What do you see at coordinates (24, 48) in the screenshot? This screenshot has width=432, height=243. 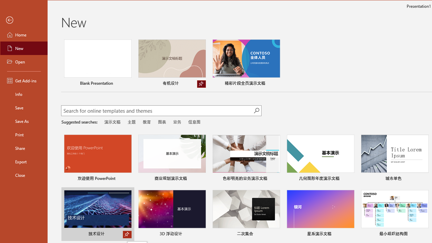 I see `'New'` at bounding box center [24, 48].